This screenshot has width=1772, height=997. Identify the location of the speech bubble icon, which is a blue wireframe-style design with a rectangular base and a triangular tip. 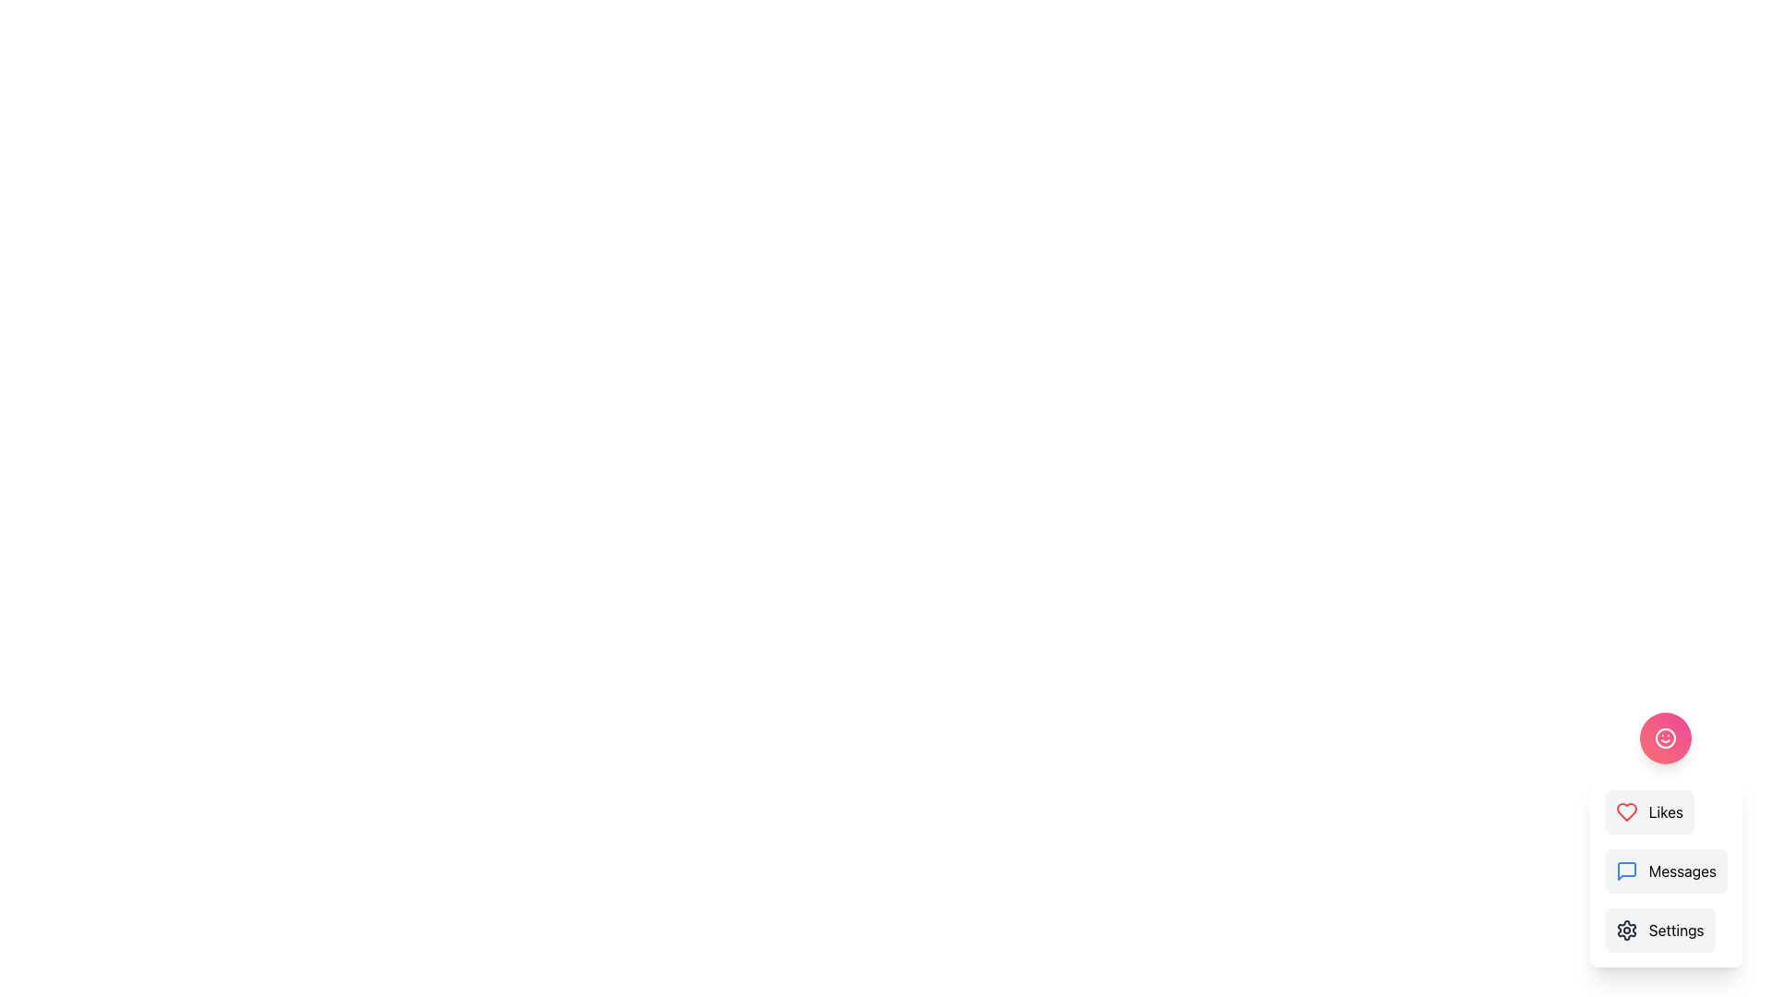
(1626, 871).